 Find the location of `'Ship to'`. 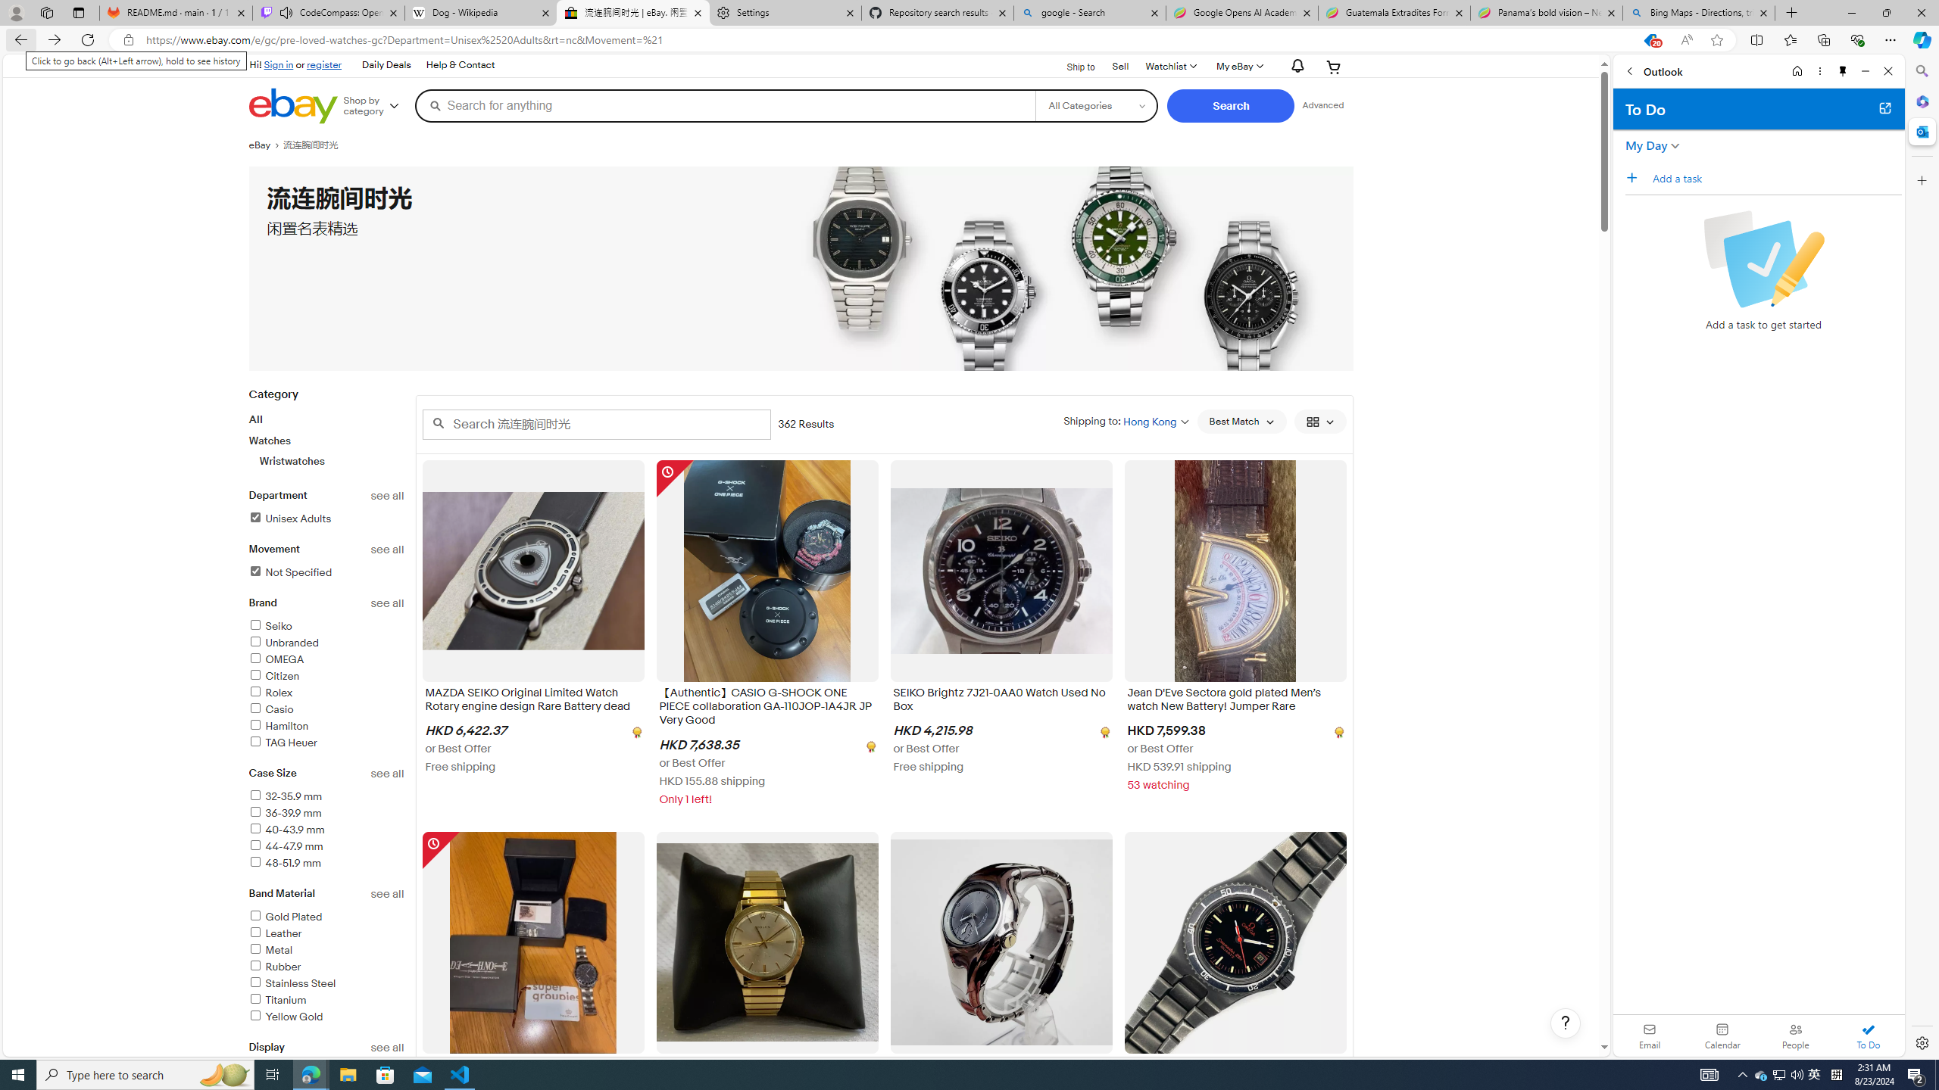

'Ship to' is located at coordinates (1071, 66).